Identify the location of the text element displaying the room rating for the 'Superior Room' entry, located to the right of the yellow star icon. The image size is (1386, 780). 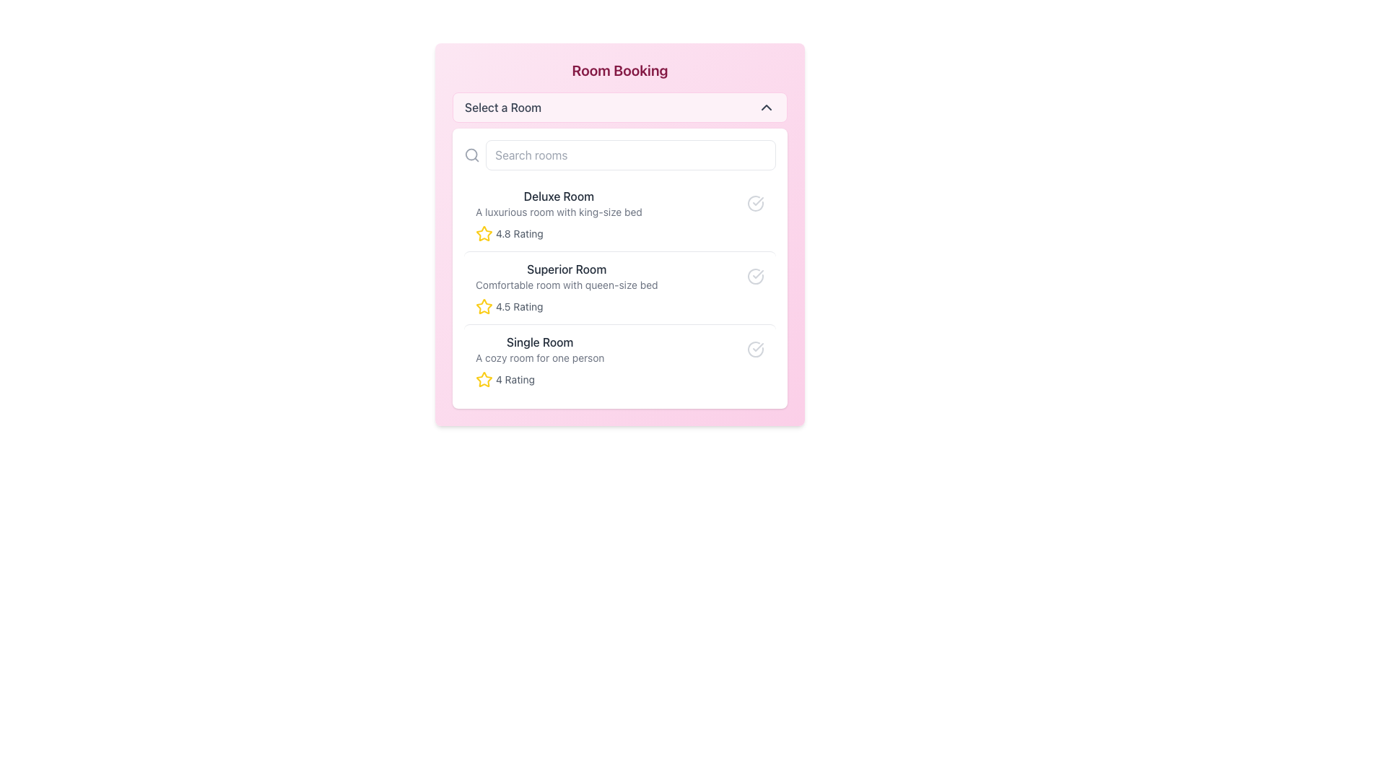
(519, 305).